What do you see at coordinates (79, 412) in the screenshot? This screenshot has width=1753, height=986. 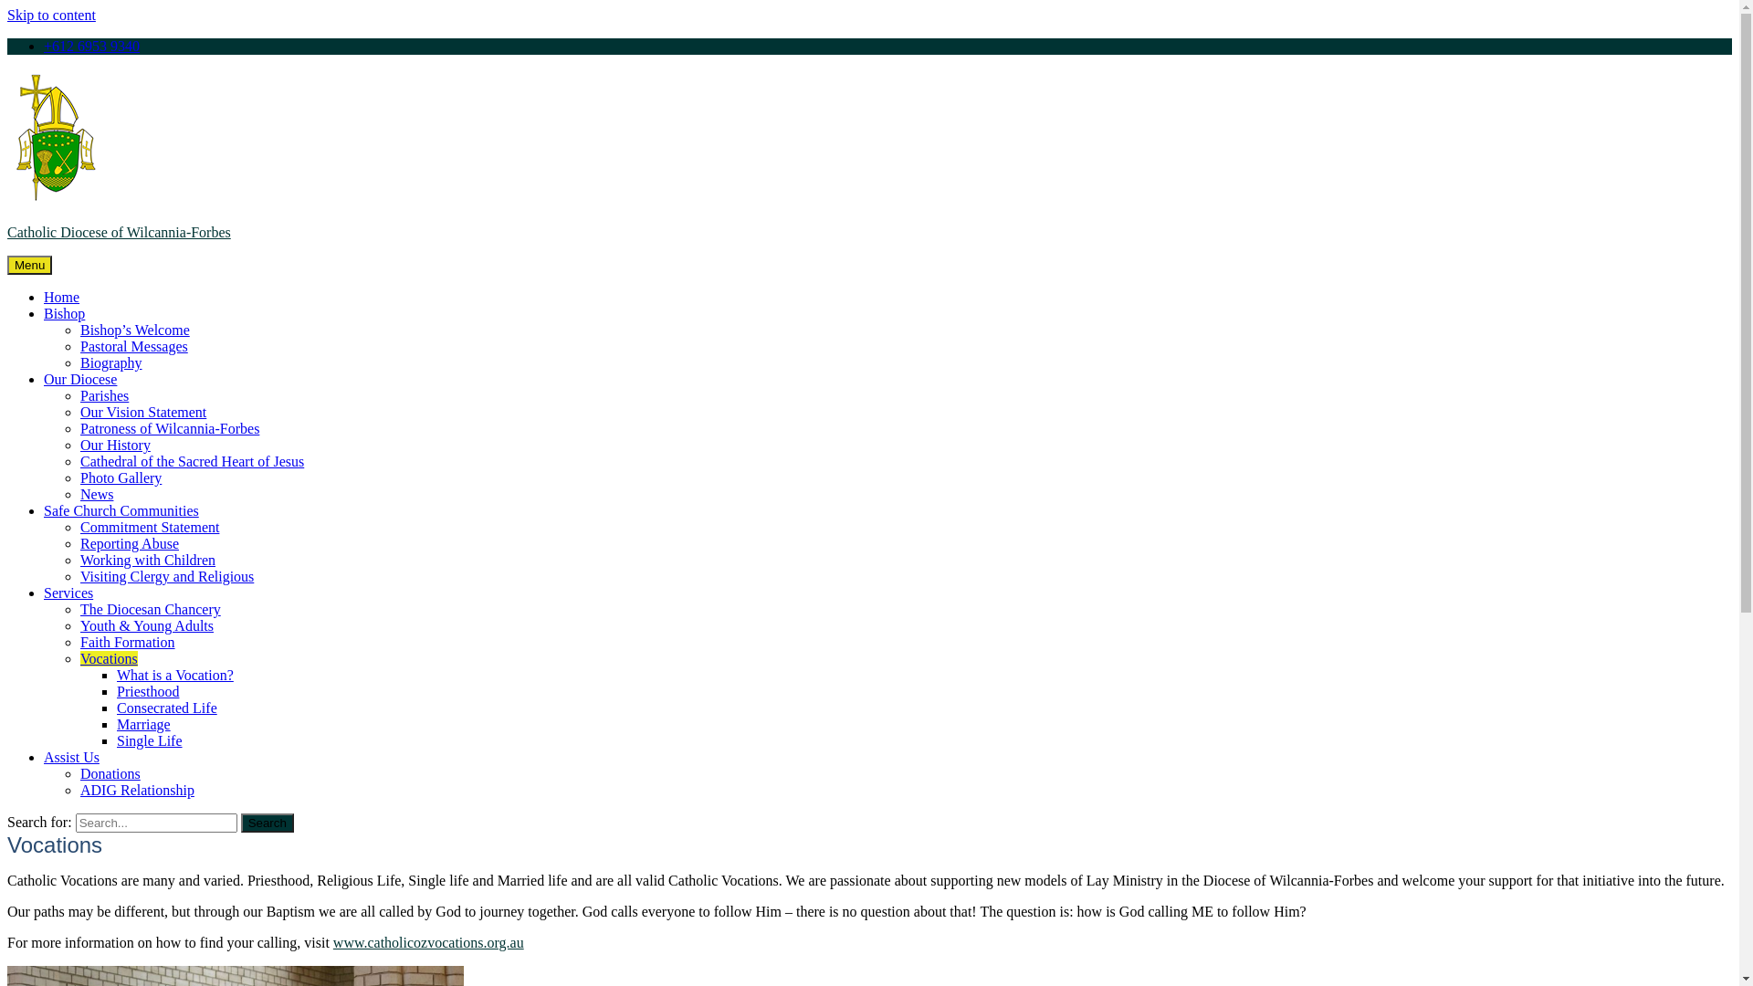 I see `'Our Vision Statement'` at bounding box center [79, 412].